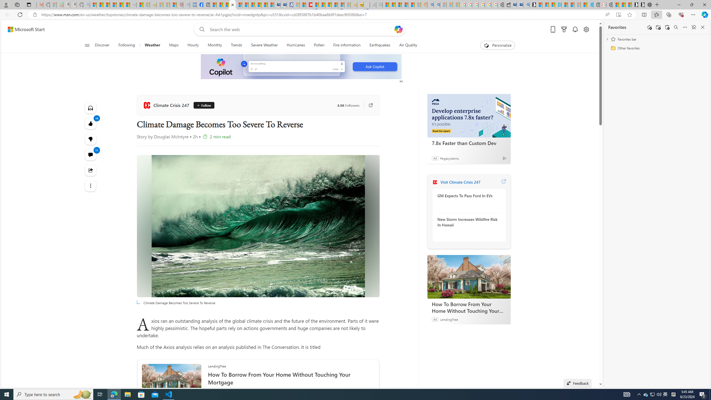  I want to click on 'Earthquakes', so click(380, 45).